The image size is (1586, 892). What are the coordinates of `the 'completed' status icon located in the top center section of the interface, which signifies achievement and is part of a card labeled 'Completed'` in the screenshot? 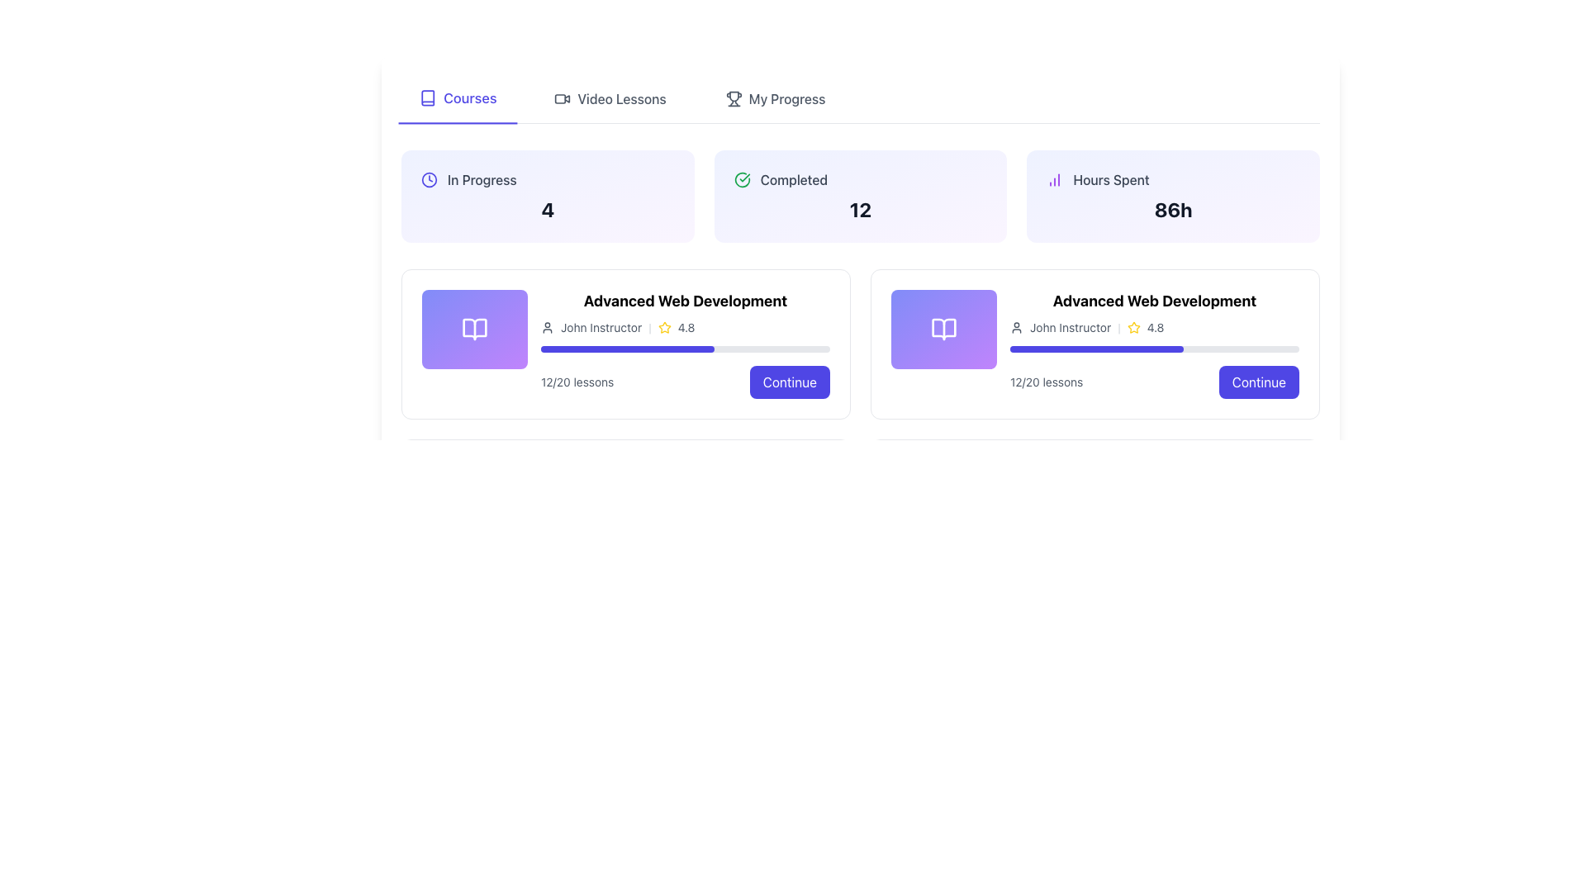 It's located at (741, 180).